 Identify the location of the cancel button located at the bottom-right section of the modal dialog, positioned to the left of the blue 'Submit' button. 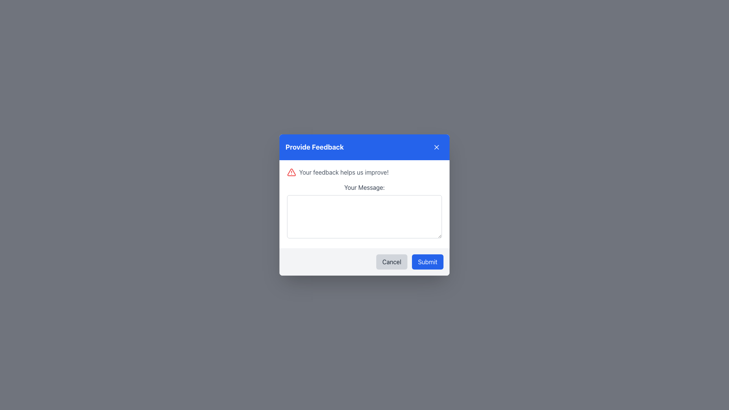
(391, 262).